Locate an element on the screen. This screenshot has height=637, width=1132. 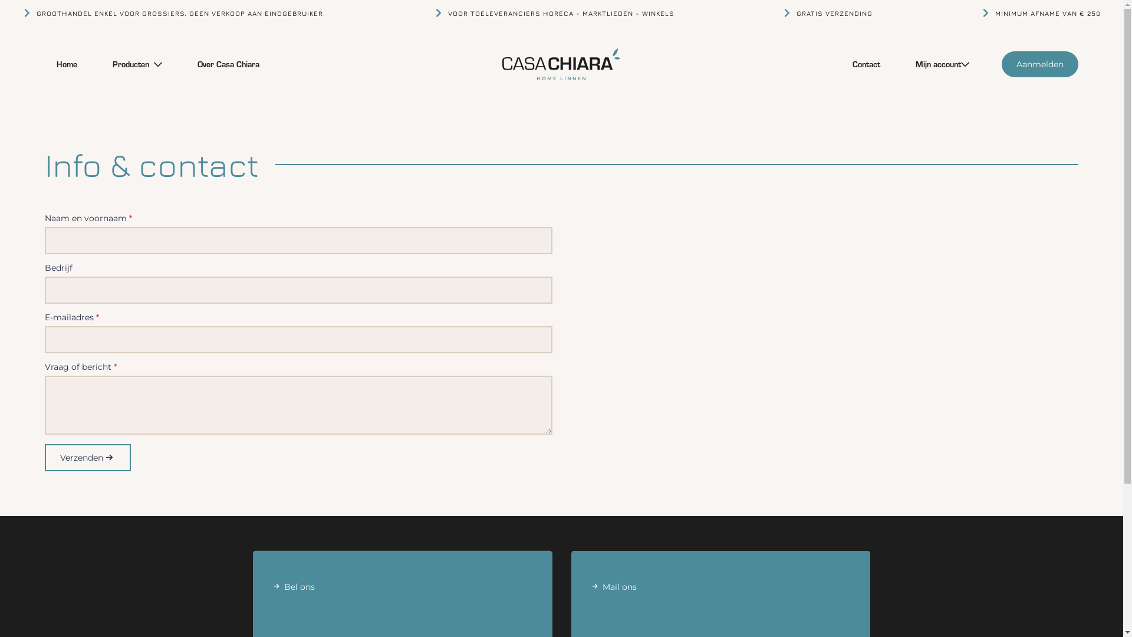
'Verzenden' is located at coordinates (87, 457).